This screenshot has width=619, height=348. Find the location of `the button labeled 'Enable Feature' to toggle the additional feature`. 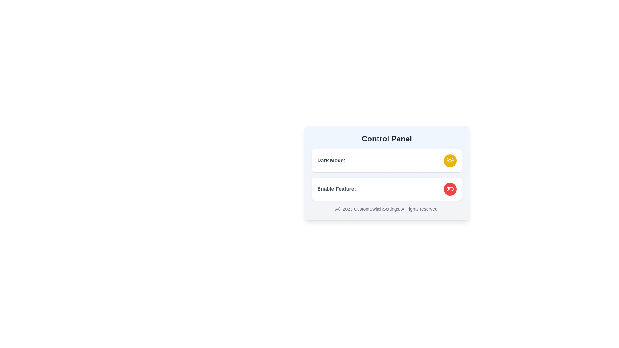

the button labeled 'Enable Feature' to toggle the additional feature is located at coordinates (450, 188).